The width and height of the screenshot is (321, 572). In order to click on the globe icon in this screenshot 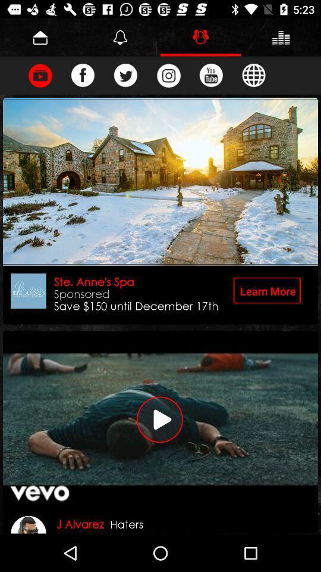, I will do `click(253, 74)`.